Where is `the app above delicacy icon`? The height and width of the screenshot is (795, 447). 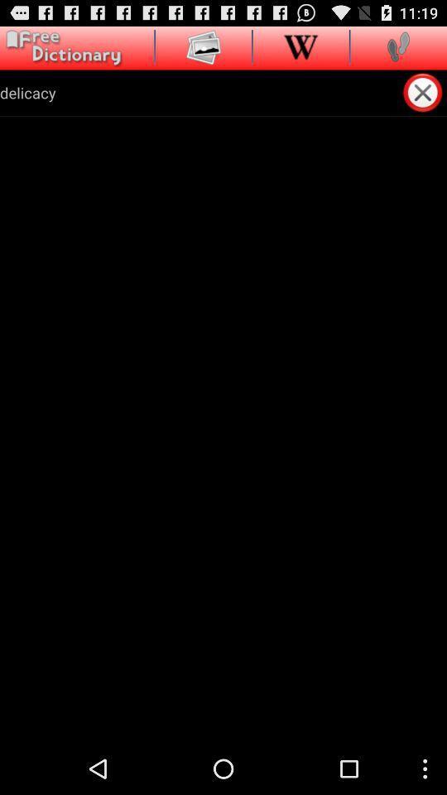
the app above delicacy icon is located at coordinates (300, 46).